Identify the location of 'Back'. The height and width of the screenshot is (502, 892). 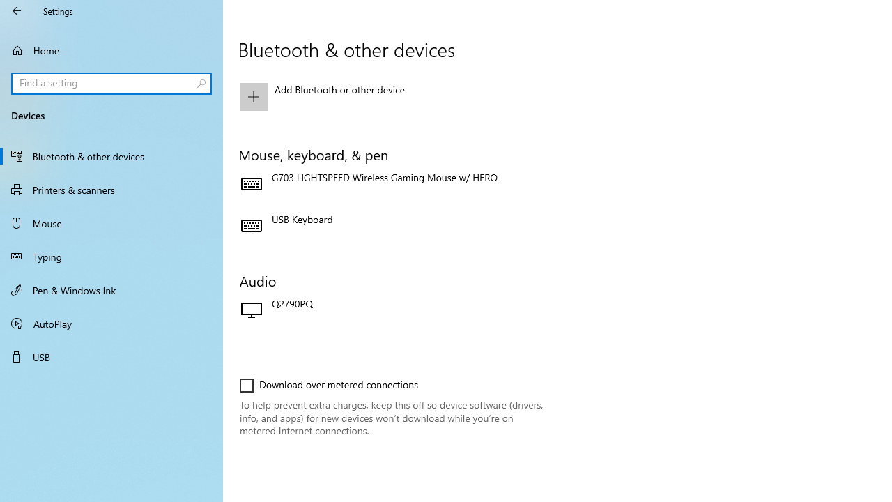
(17, 10).